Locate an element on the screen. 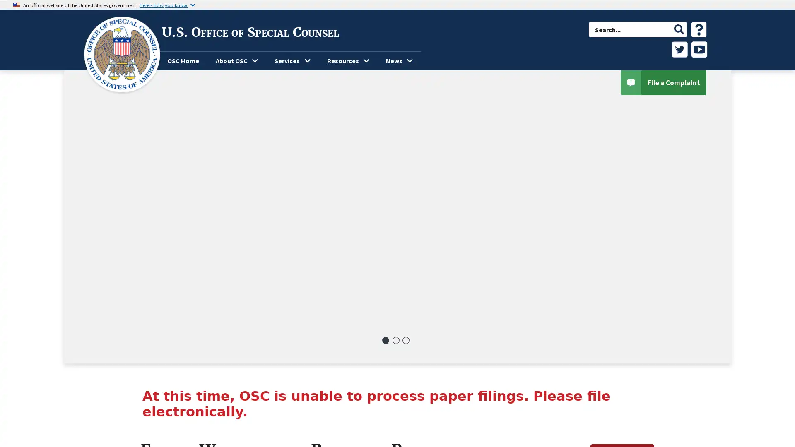 The image size is (795, 447). News is located at coordinates (399, 60).